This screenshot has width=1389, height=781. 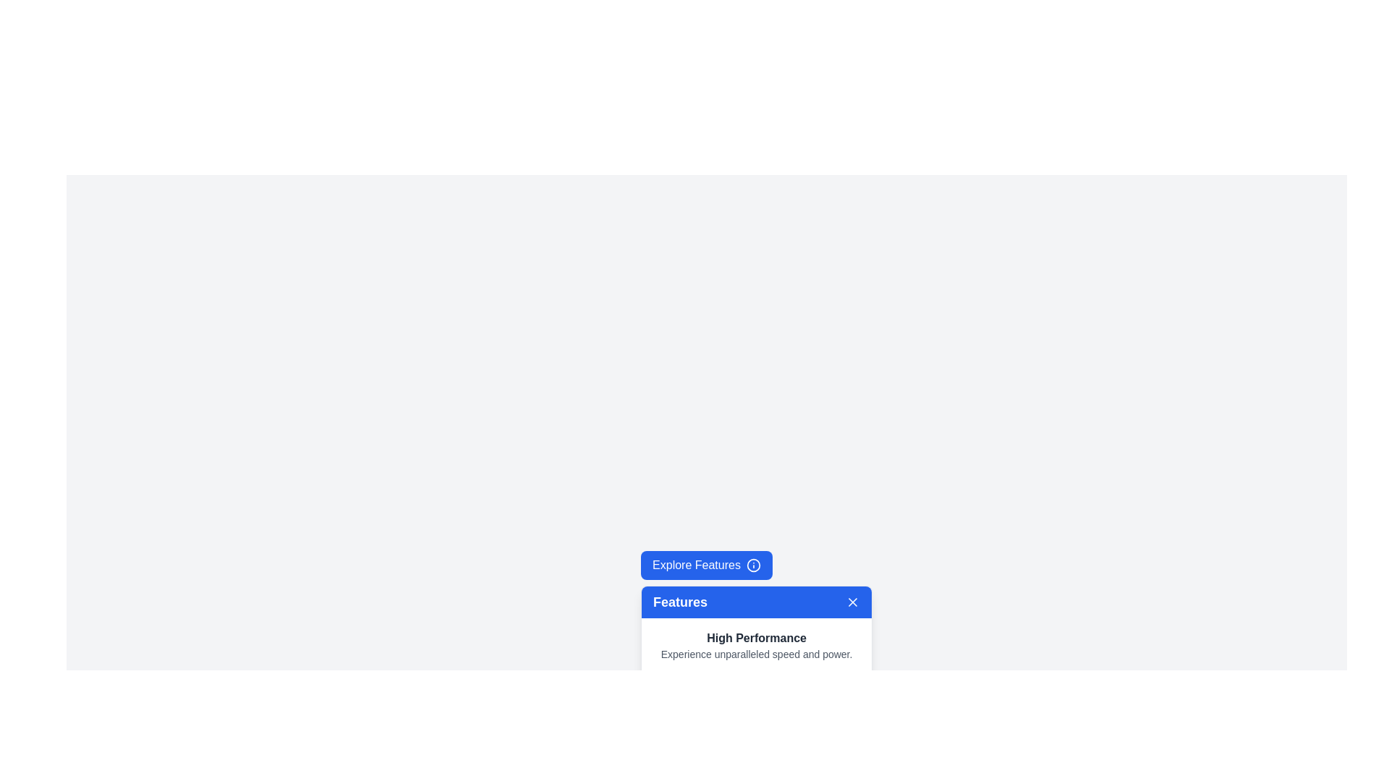 I want to click on the 'Explore Features' button, which has a blue background and white text, so click(x=707, y=565).